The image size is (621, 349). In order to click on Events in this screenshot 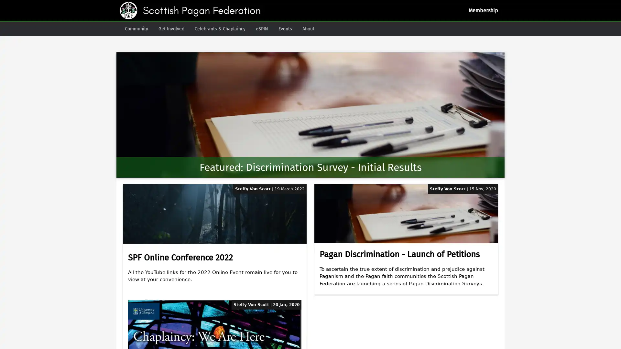, I will do `click(285, 28)`.